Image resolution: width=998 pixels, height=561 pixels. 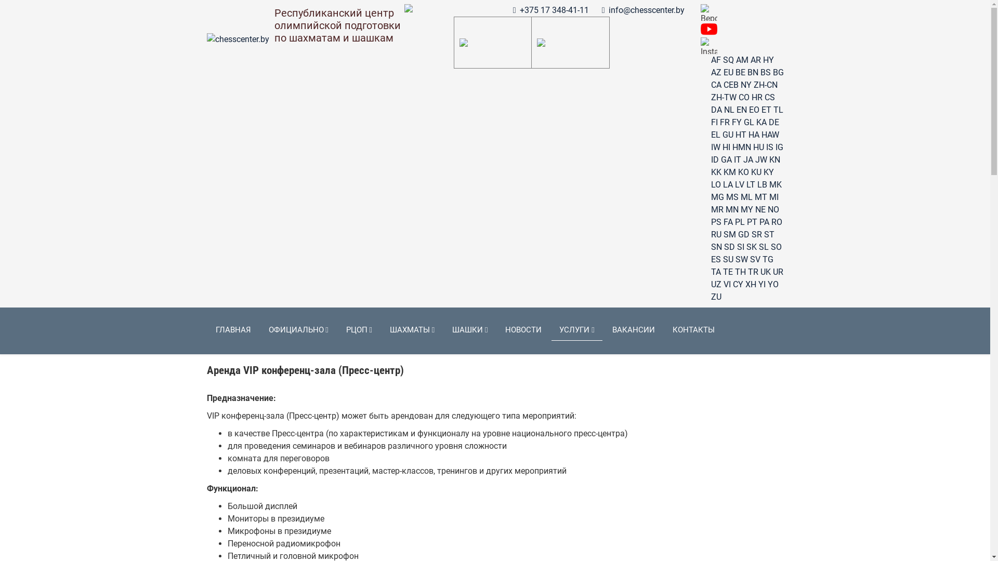 What do you see at coordinates (745, 284) in the screenshot?
I see `'XH'` at bounding box center [745, 284].